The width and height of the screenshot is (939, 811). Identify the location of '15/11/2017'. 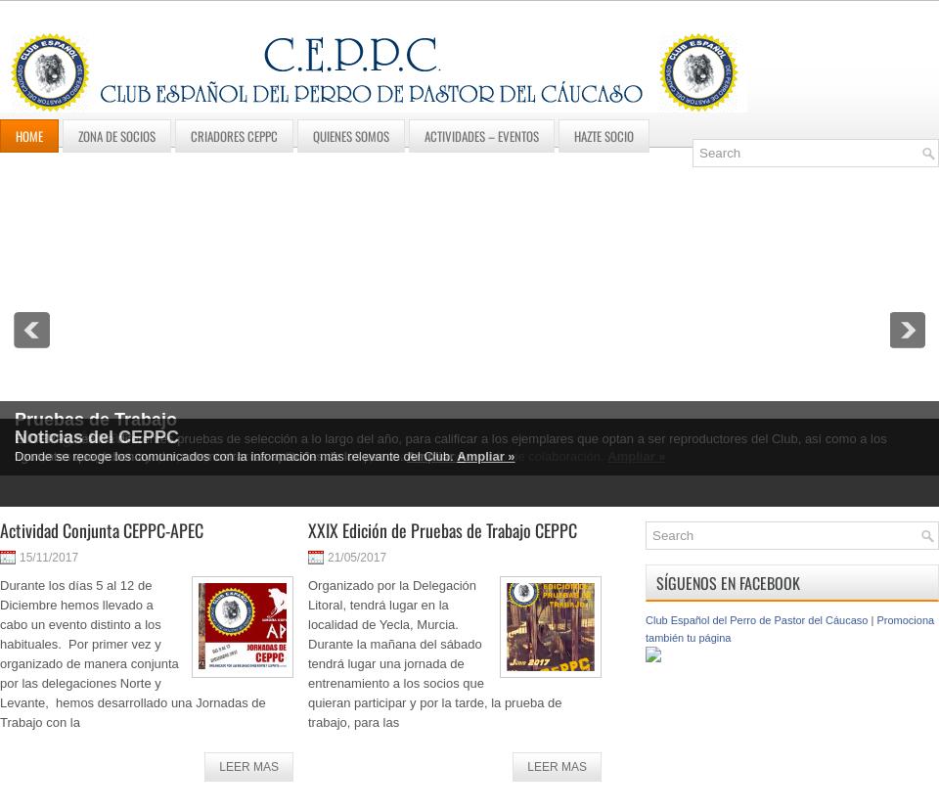
(48, 557).